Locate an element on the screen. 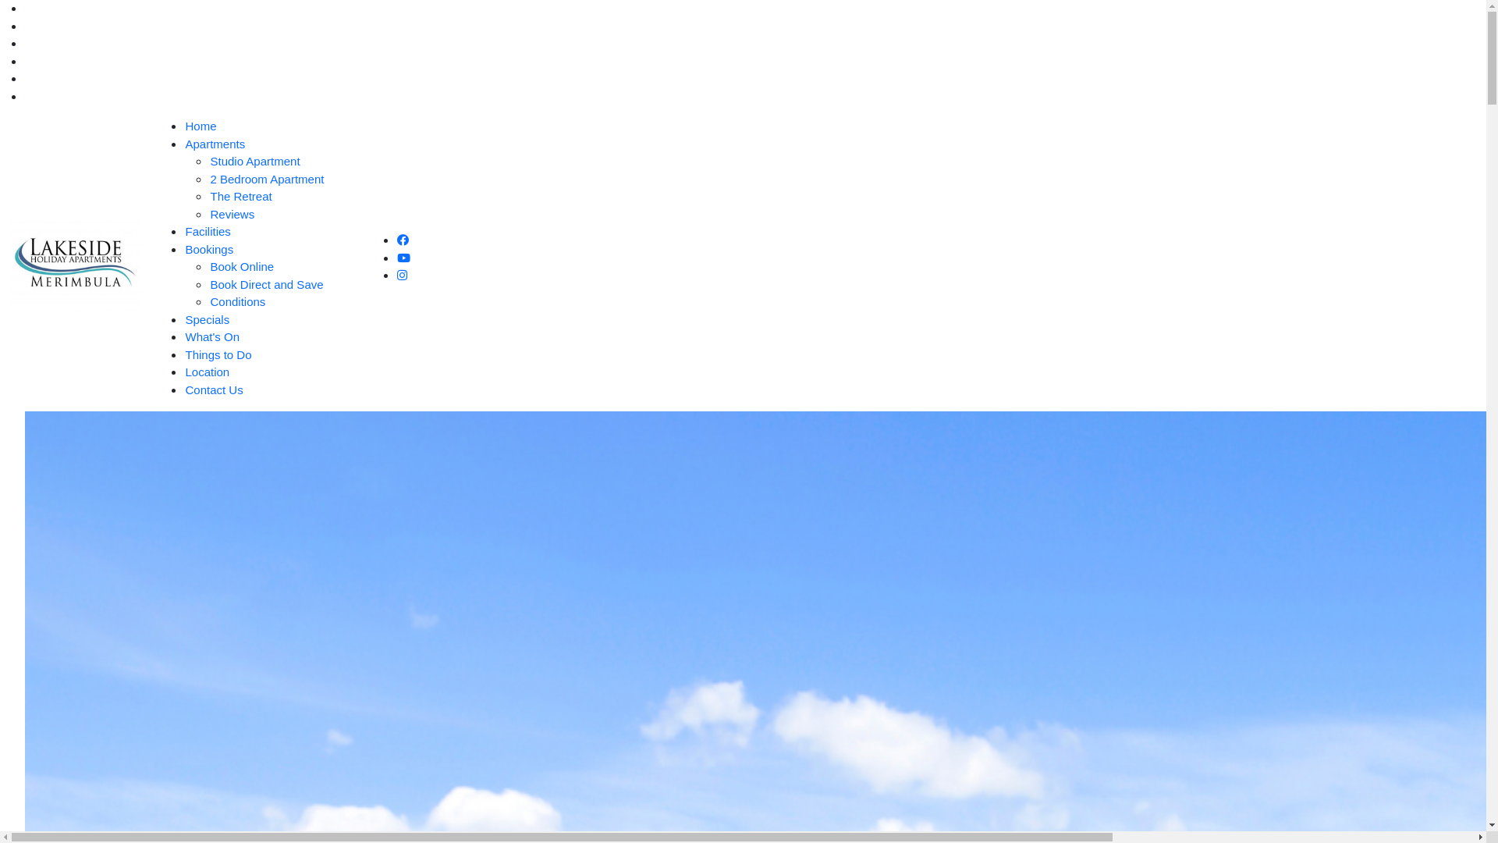 Image resolution: width=1498 pixels, height=843 pixels. 'Book Direct and Save' is located at coordinates (208, 284).